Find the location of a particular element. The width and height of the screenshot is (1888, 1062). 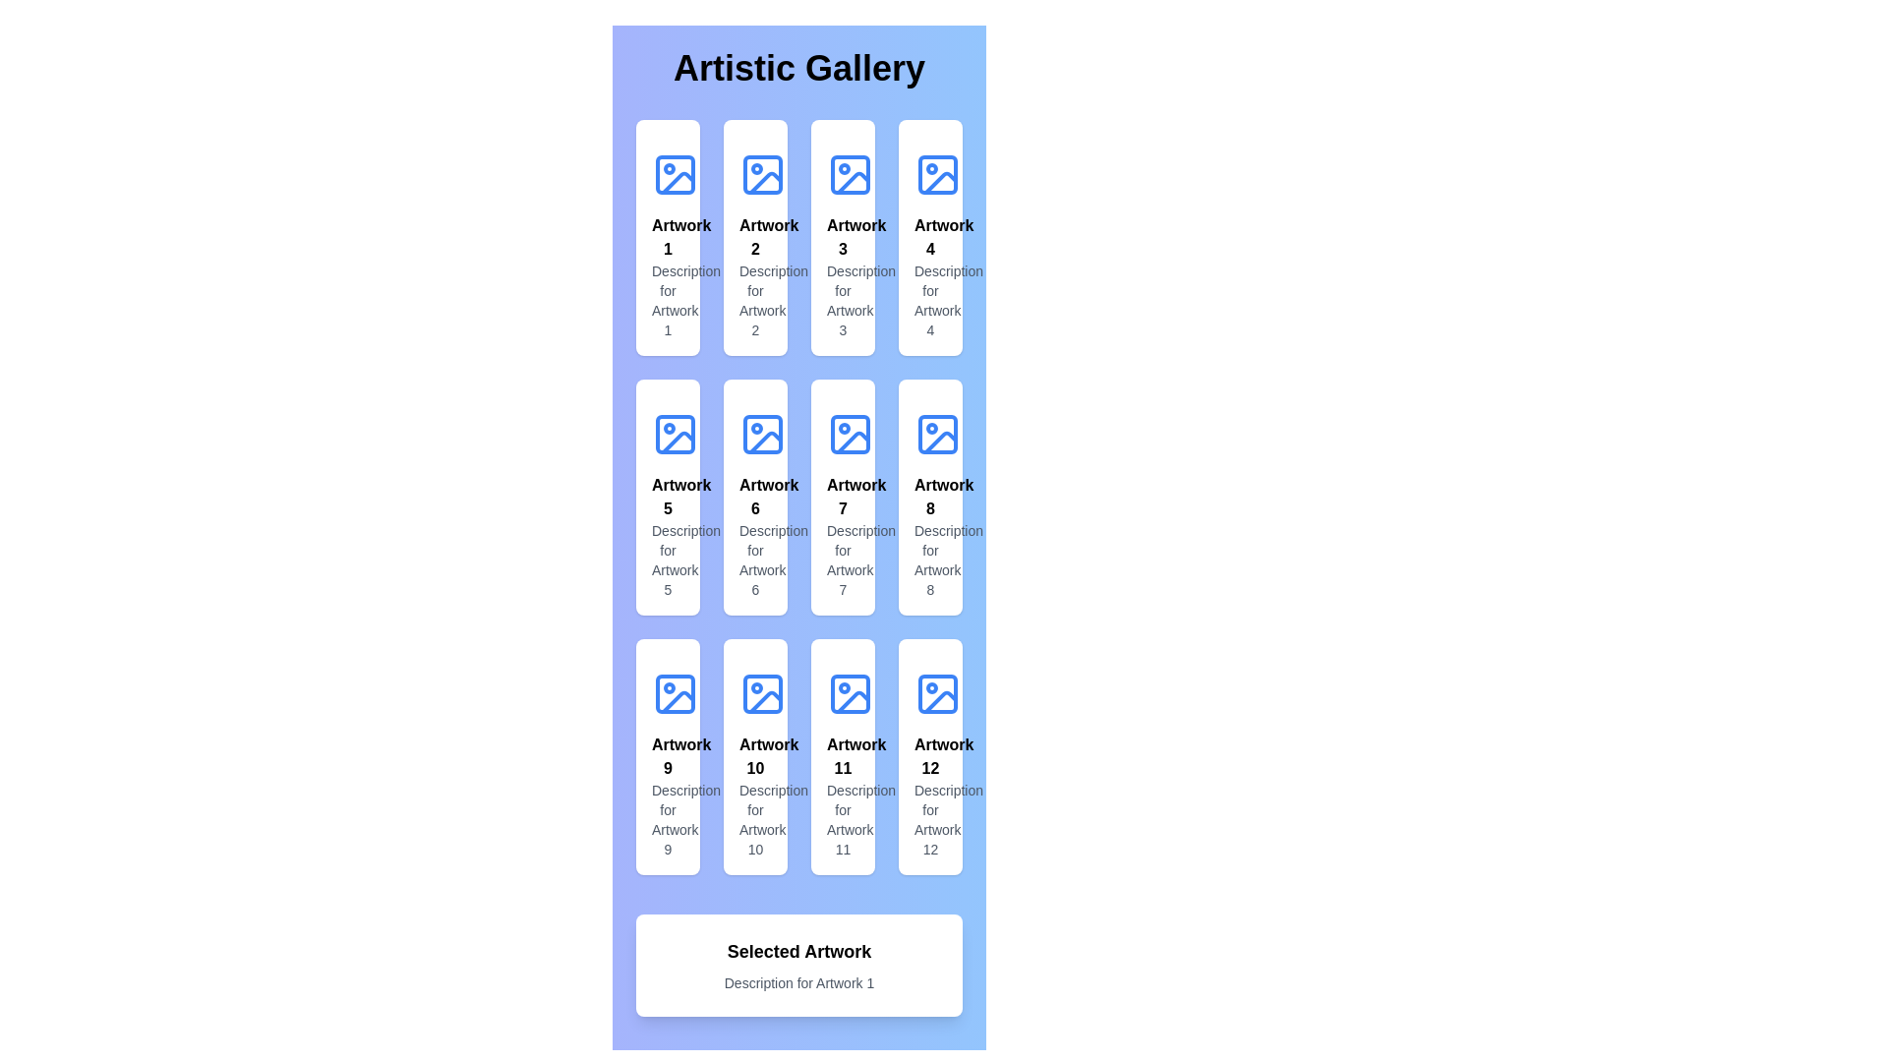

the rectangle graphic element that is part of the image icon for 'Artwork 8', located in the eighth artwork slot of a 3x4 grid layout is located at coordinates (937, 434).